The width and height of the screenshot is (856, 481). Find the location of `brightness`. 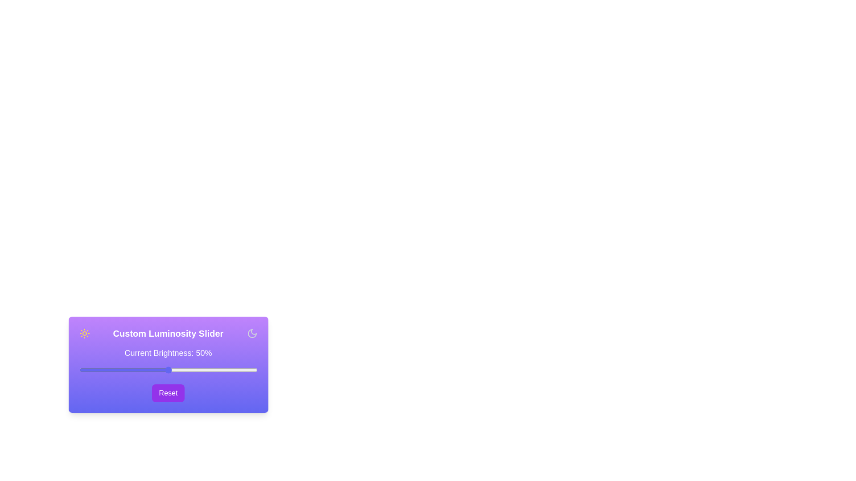

brightness is located at coordinates (227, 370).